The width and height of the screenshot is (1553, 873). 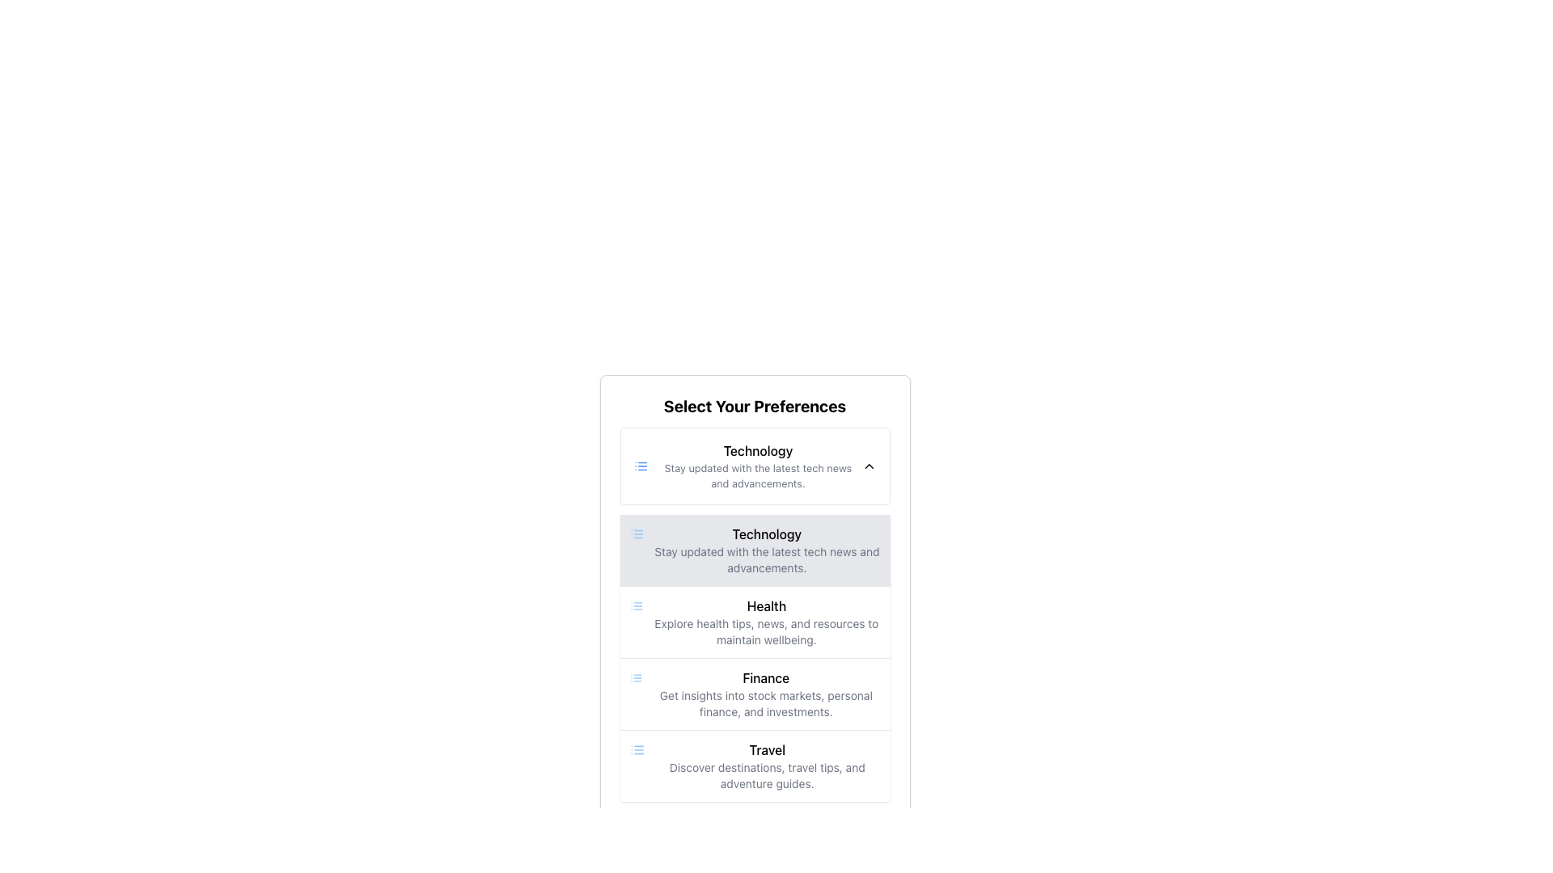 What do you see at coordinates (754, 765) in the screenshot?
I see `the 'Travel' category list item` at bounding box center [754, 765].